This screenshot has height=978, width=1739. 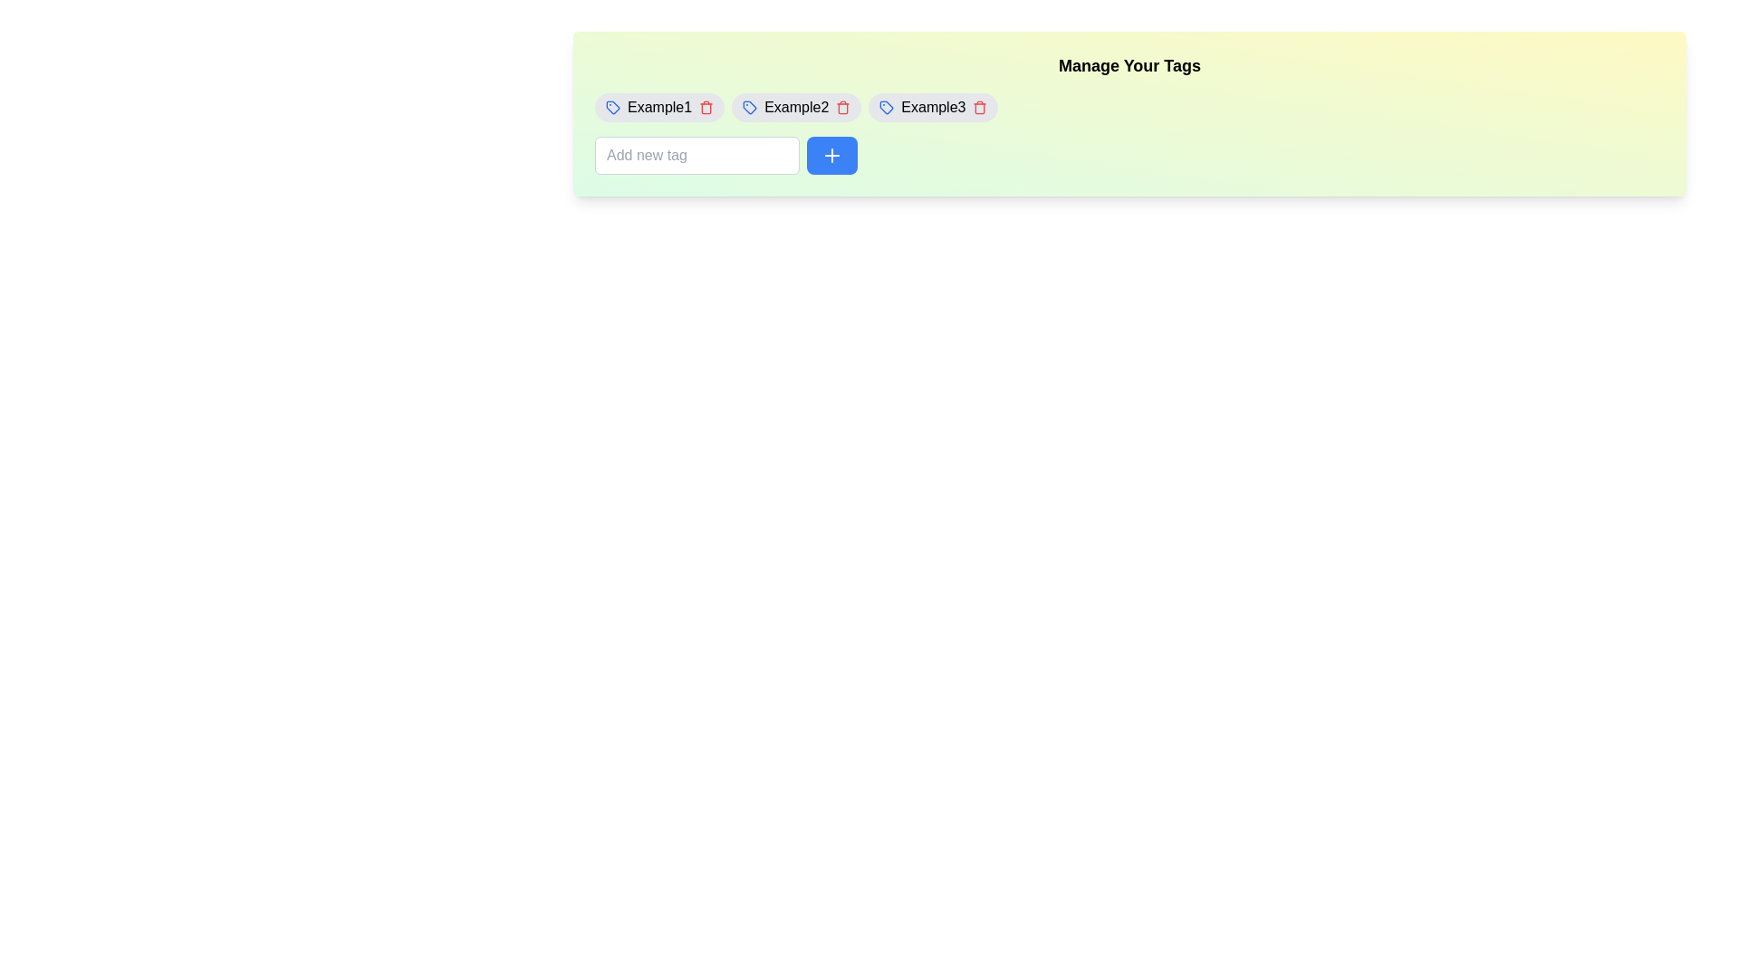 I want to click on the small, blue, rounded tag-like icon that appears before the text 'Example3' in a group of tag elements, so click(x=887, y=108).